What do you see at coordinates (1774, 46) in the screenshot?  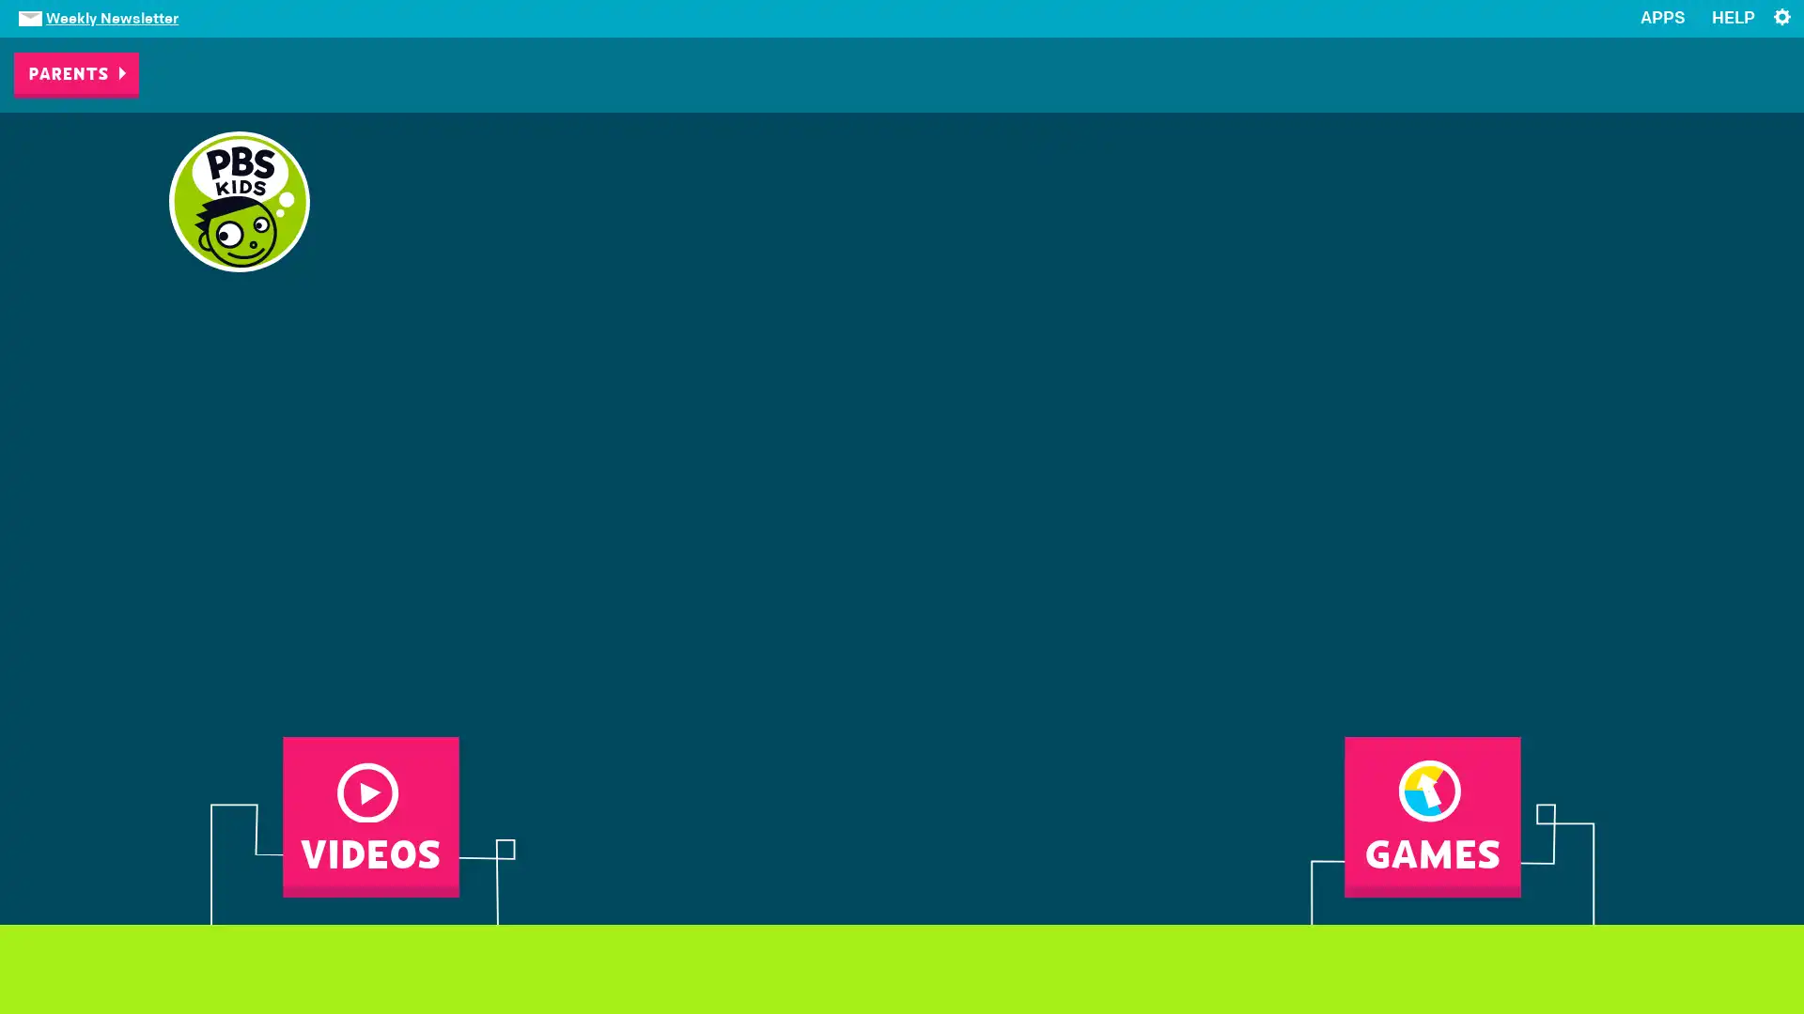 I see `x Close` at bounding box center [1774, 46].